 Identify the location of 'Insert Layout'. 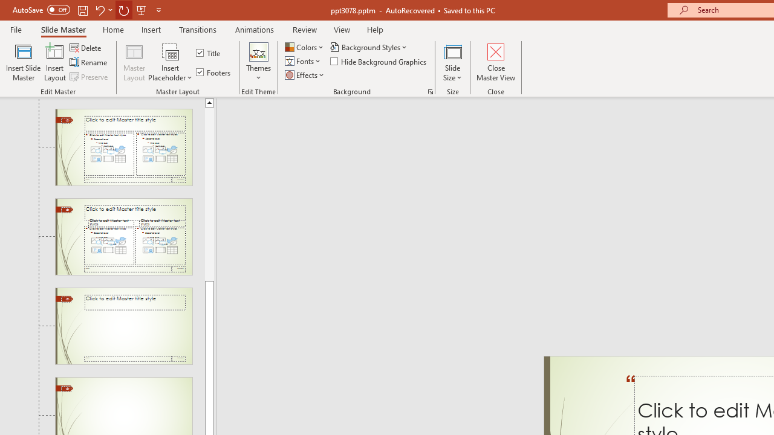
(54, 62).